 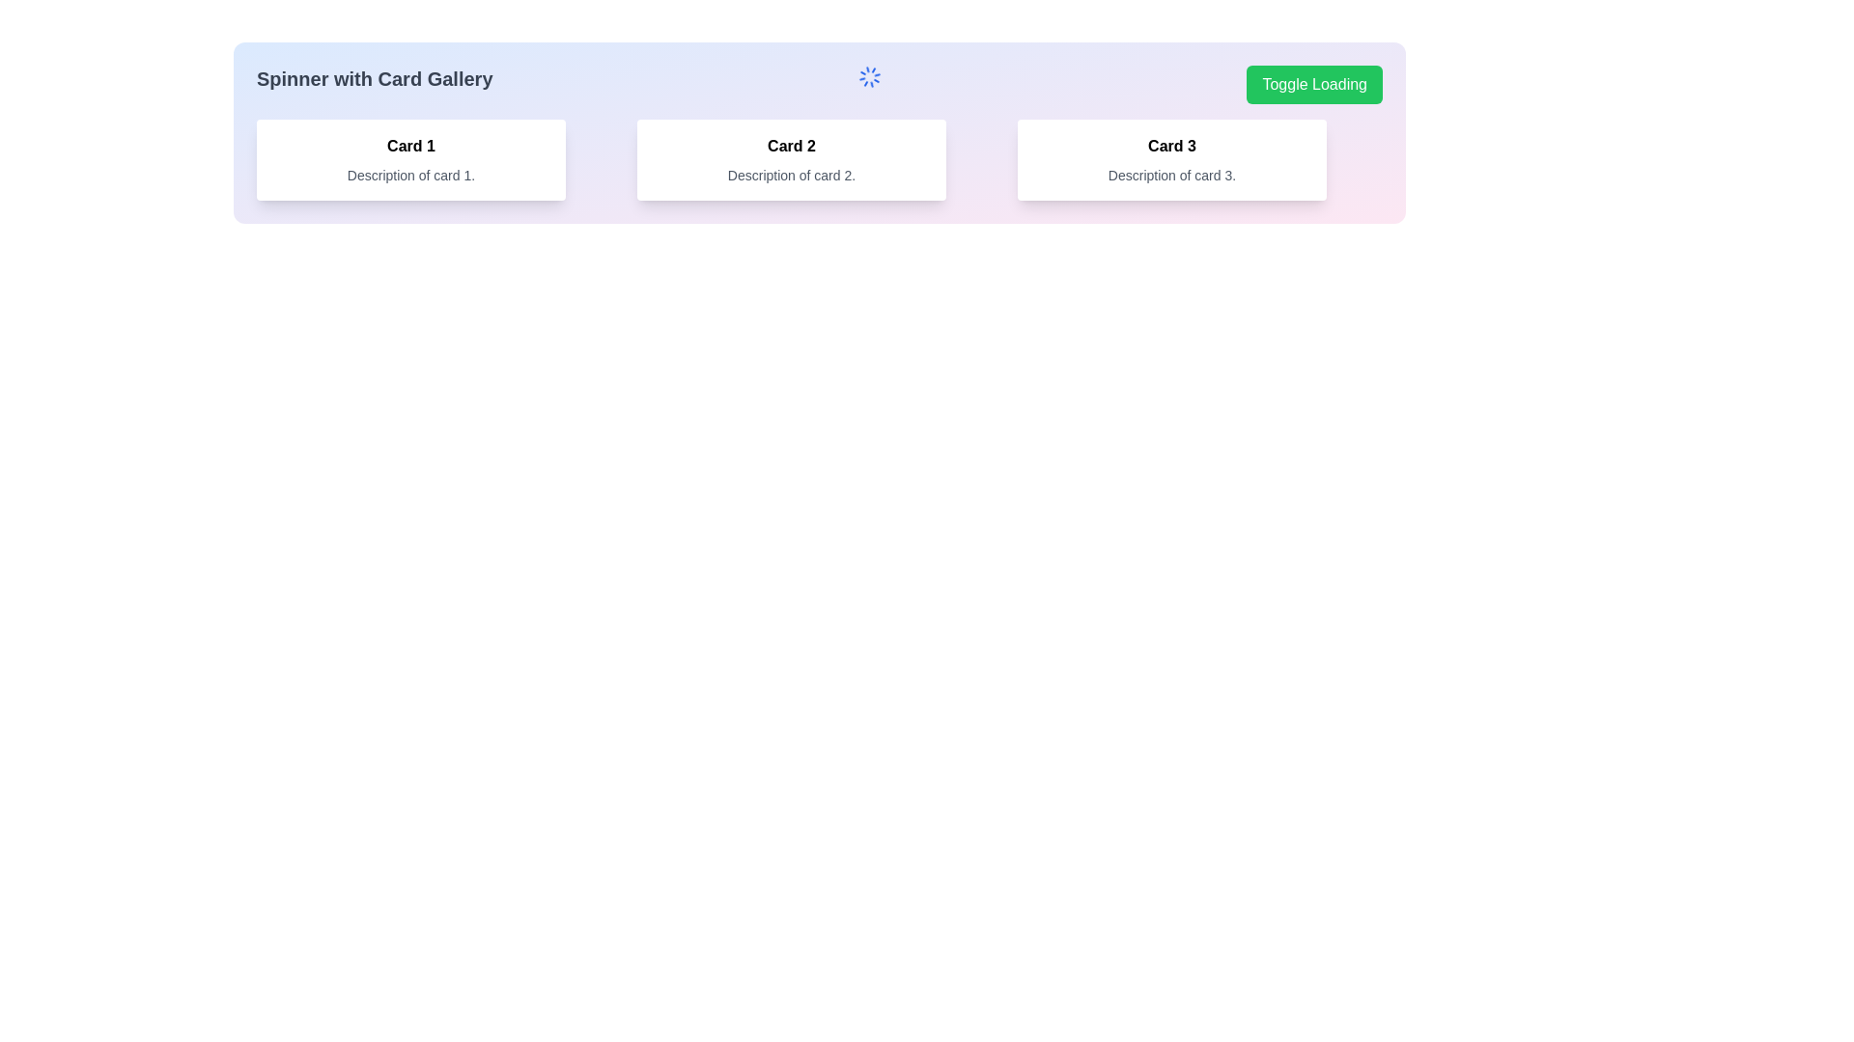 I want to click on the second card in the card grid layout, which is identified by the bold title 'Card 2' and description 'Description of card 2.', so click(x=820, y=158).